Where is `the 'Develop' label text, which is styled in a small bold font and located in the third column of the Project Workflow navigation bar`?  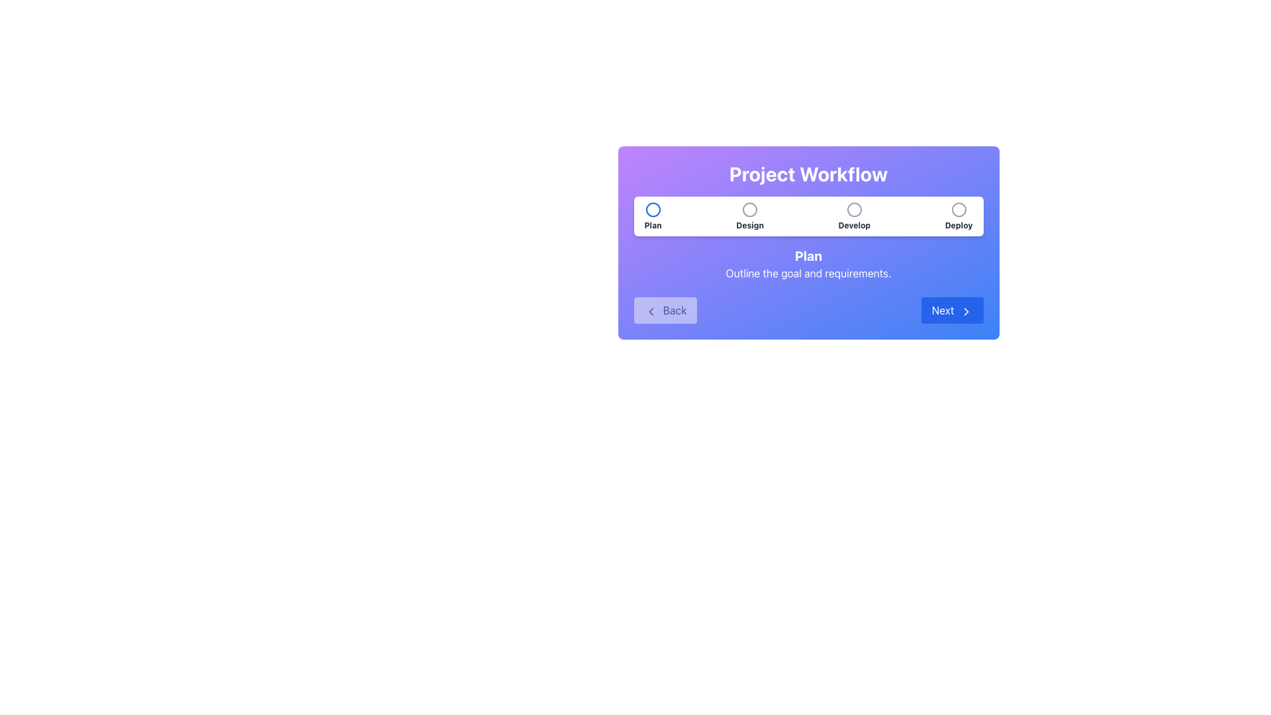
the 'Develop' label text, which is styled in a small bold font and located in the third column of the Project Workflow navigation bar is located at coordinates (854, 224).